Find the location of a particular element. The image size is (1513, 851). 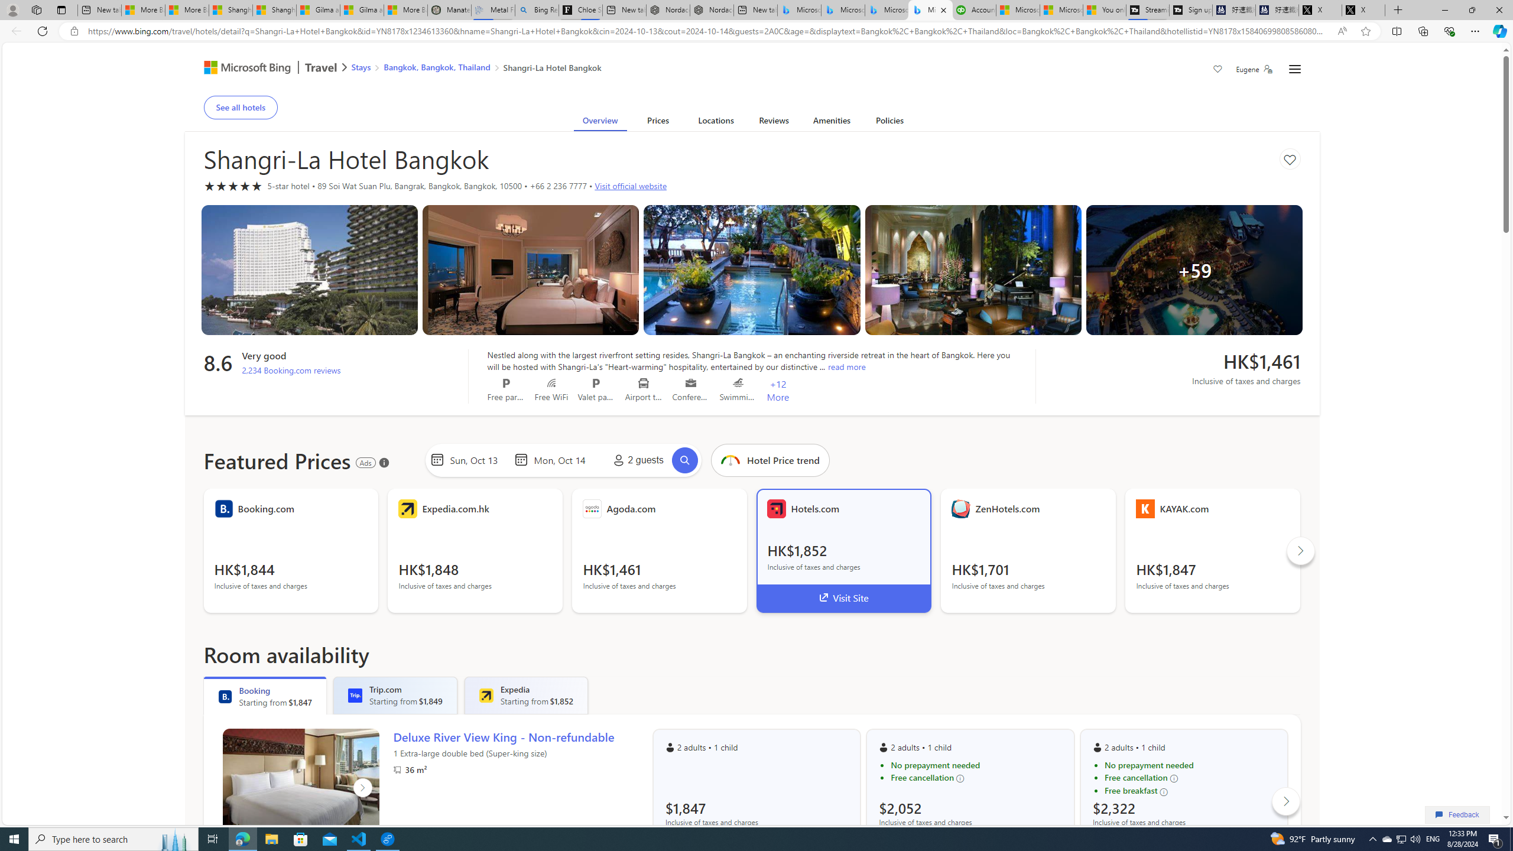

'Expedia' is located at coordinates (485, 695).